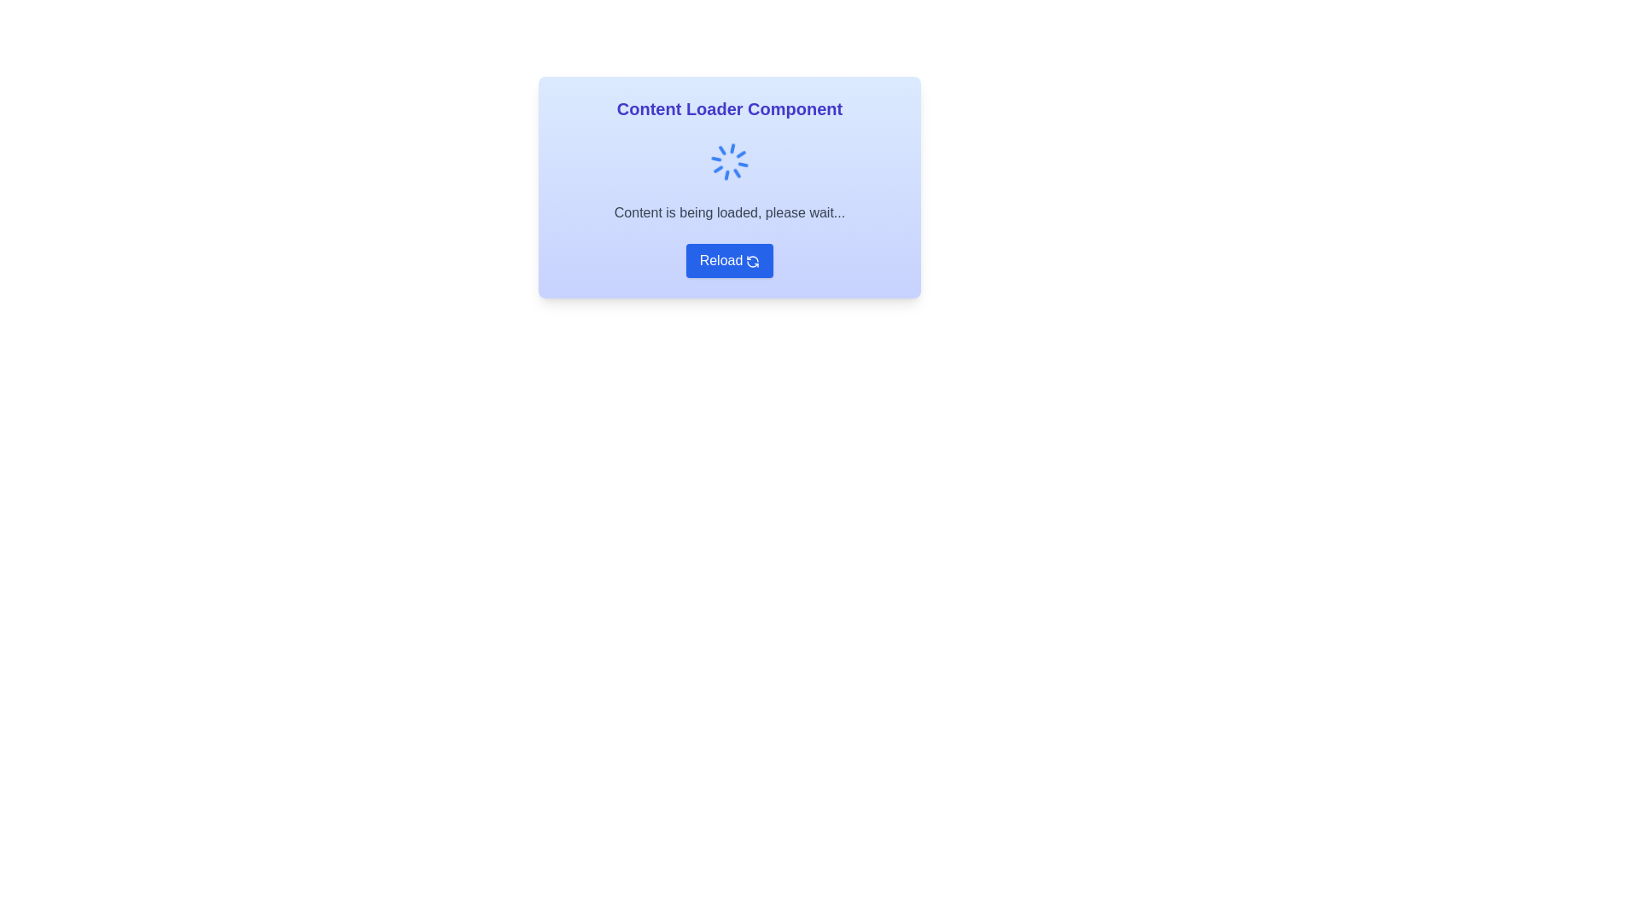 The image size is (1639, 921). I want to click on the loading spinner icon, which visually indicates that content is loading and is centrally located above a text message and a 'Reload' button, so click(729, 161).